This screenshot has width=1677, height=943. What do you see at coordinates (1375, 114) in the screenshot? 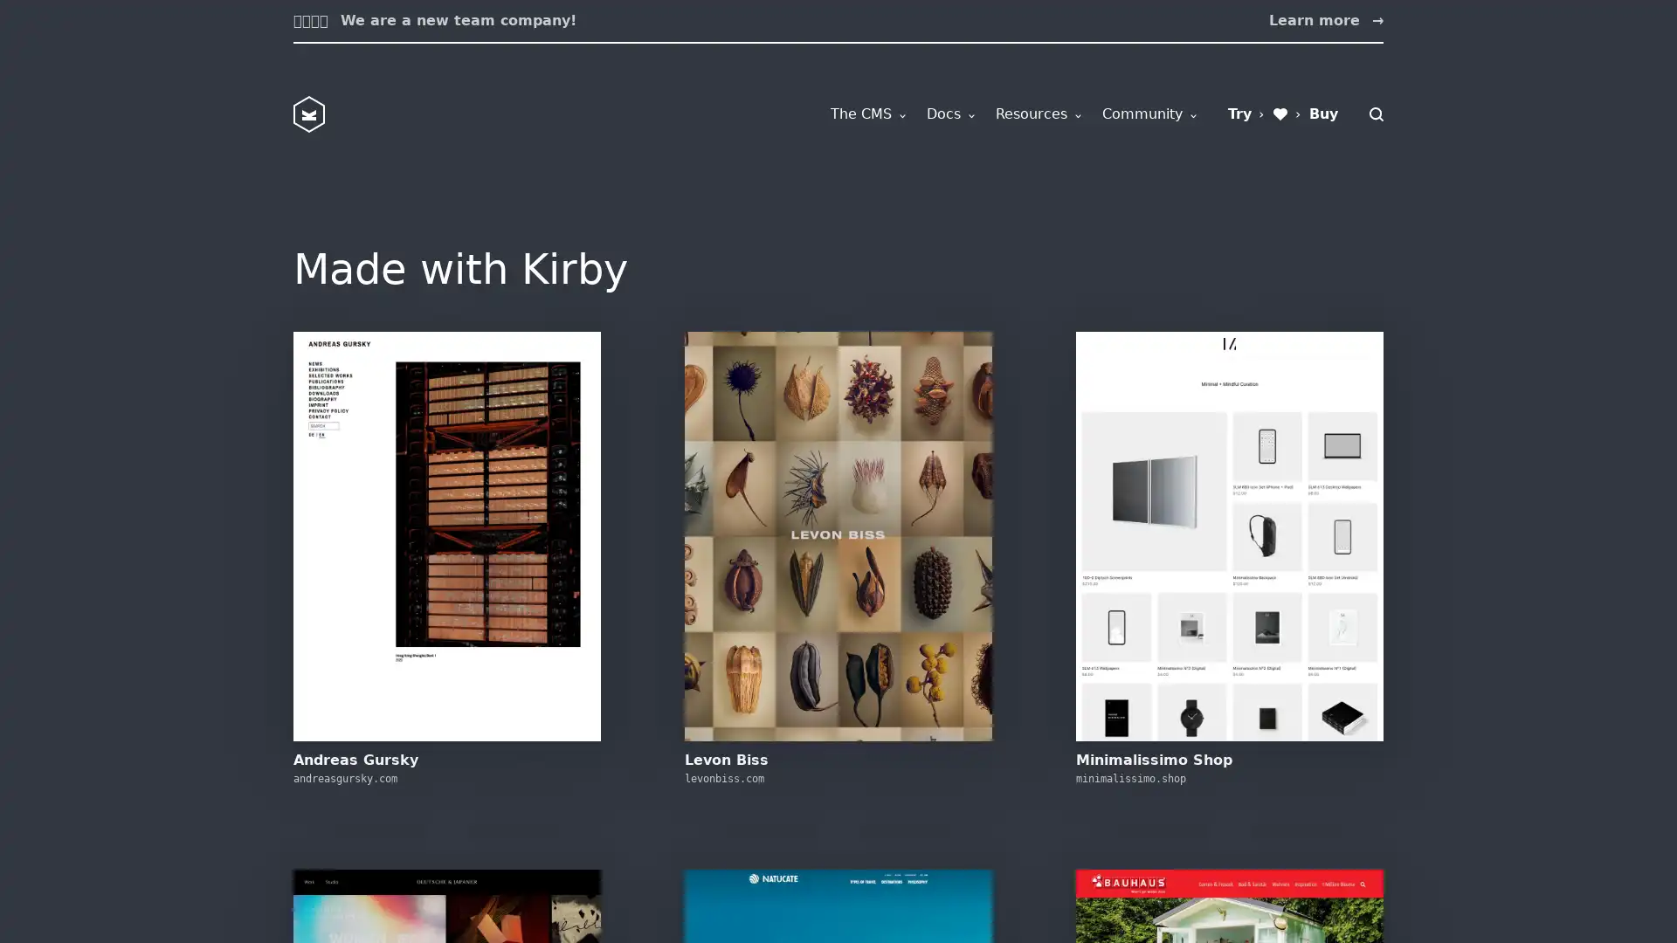
I see `Search` at bounding box center [1375, 114].